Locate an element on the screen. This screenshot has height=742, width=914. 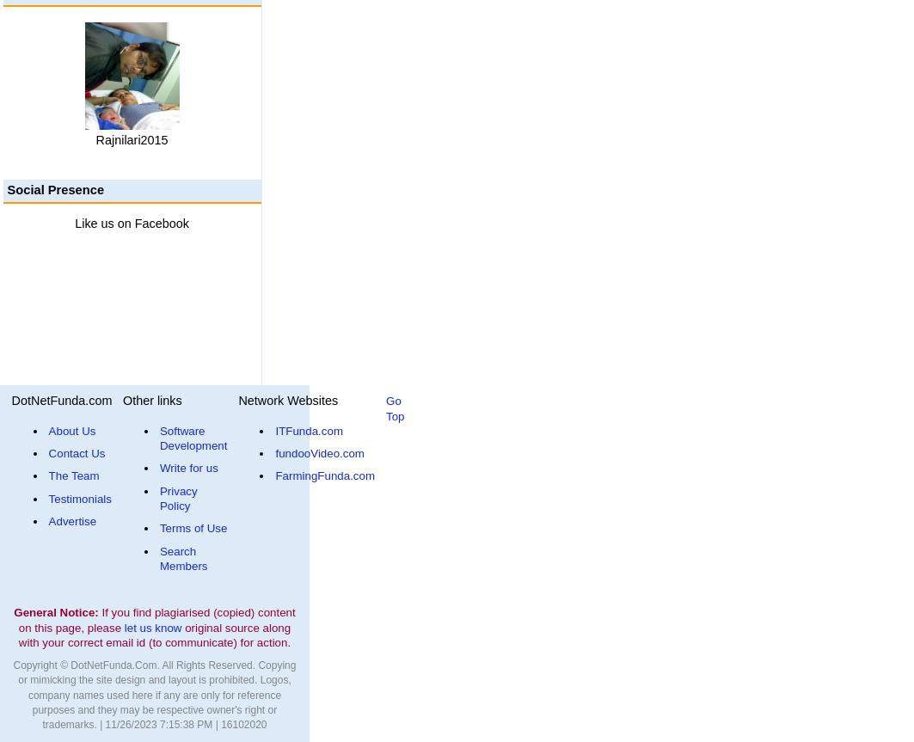
'Rajnilari2015' is located at coordinates (131, 138).